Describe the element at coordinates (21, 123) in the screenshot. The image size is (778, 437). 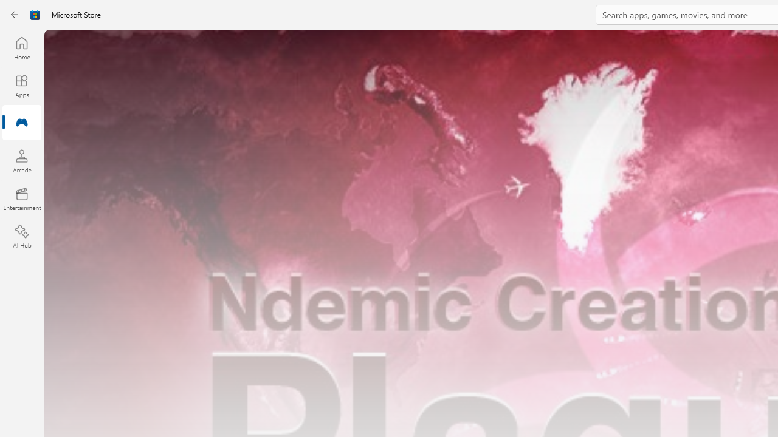
I see `'Gaming'` at that location.